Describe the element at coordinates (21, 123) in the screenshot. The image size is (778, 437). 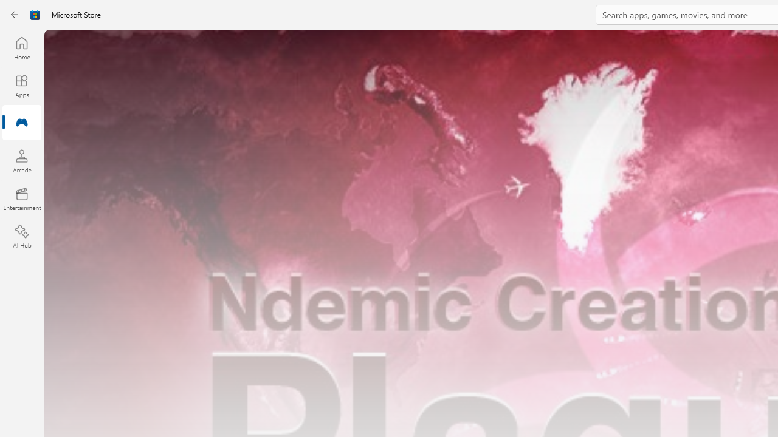
I see `'Gaming'` at that location.